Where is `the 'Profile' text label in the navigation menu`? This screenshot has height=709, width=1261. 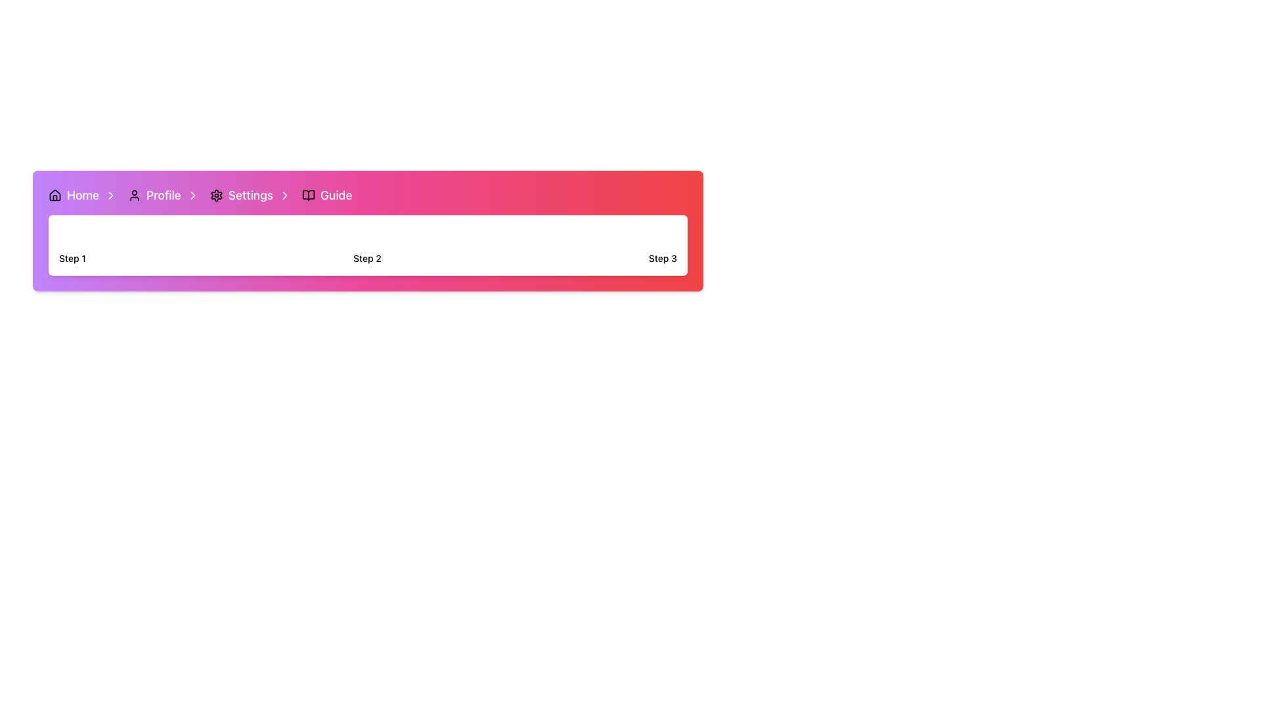
the 'Profile' text label in the navigation menu is located at coordinates (163, 195).